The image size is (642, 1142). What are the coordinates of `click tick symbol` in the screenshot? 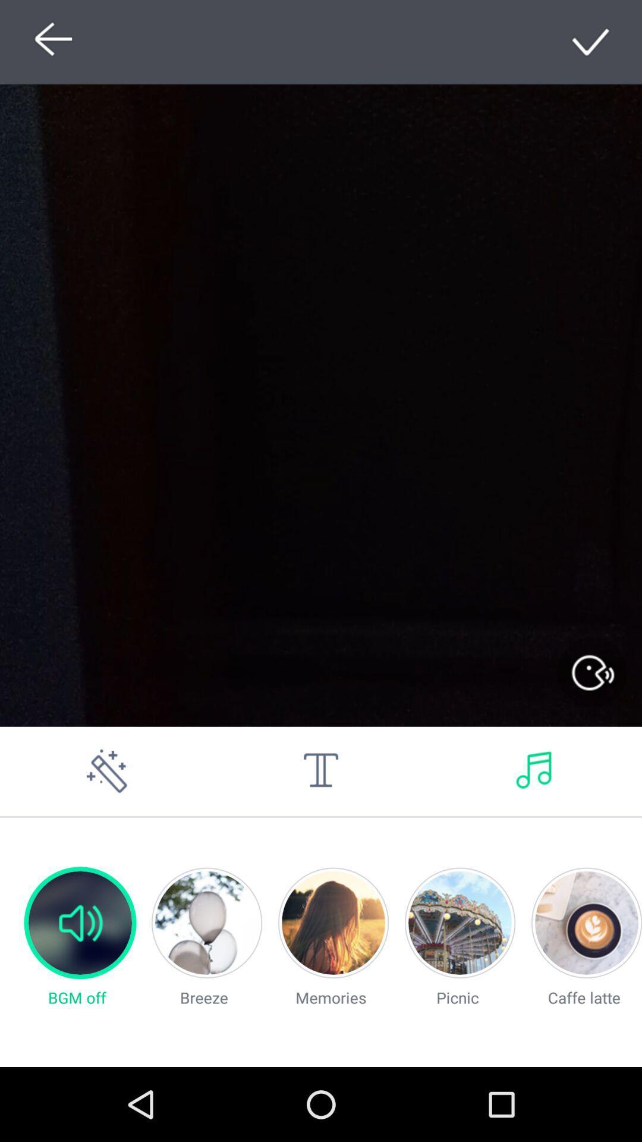 It's located at (591, 42).